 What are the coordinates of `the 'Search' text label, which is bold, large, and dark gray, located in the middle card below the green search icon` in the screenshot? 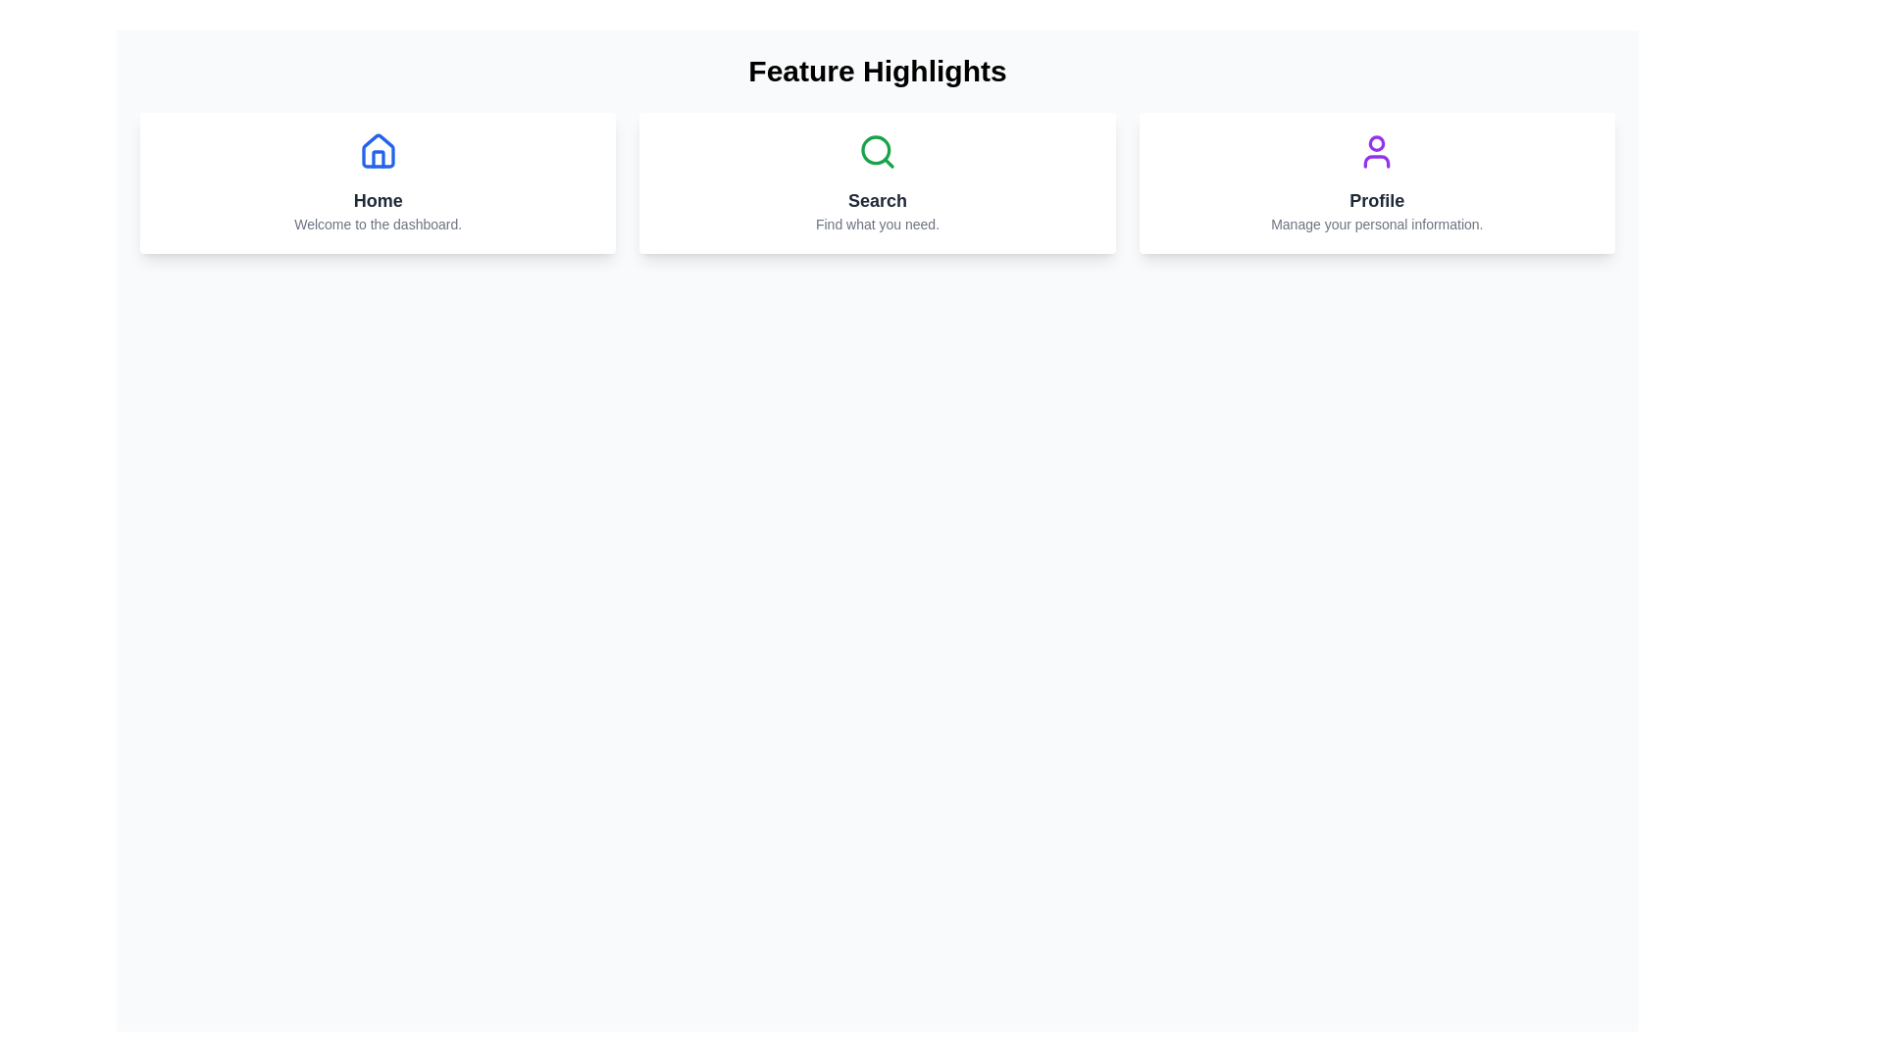 It's located at (876, 200).